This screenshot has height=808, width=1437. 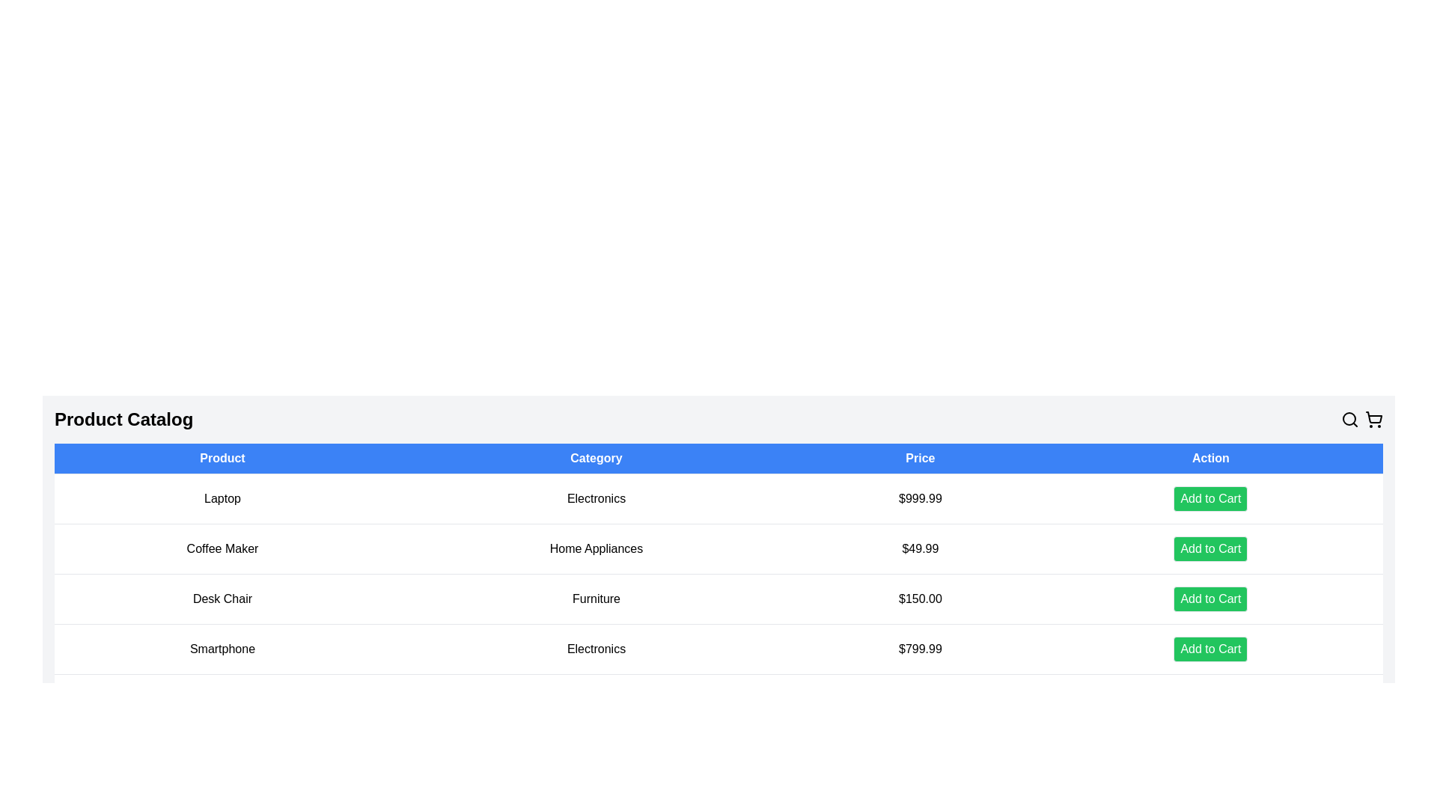 What do you see at coordinates (718, 648) in the screenshot?
I see `details of the product in the fourth row of the table, which includes the product name 'Smartphone', category 'Electronics', price '$799.99', and an 'Add to Cart' button` at bounding box center [718, 648].